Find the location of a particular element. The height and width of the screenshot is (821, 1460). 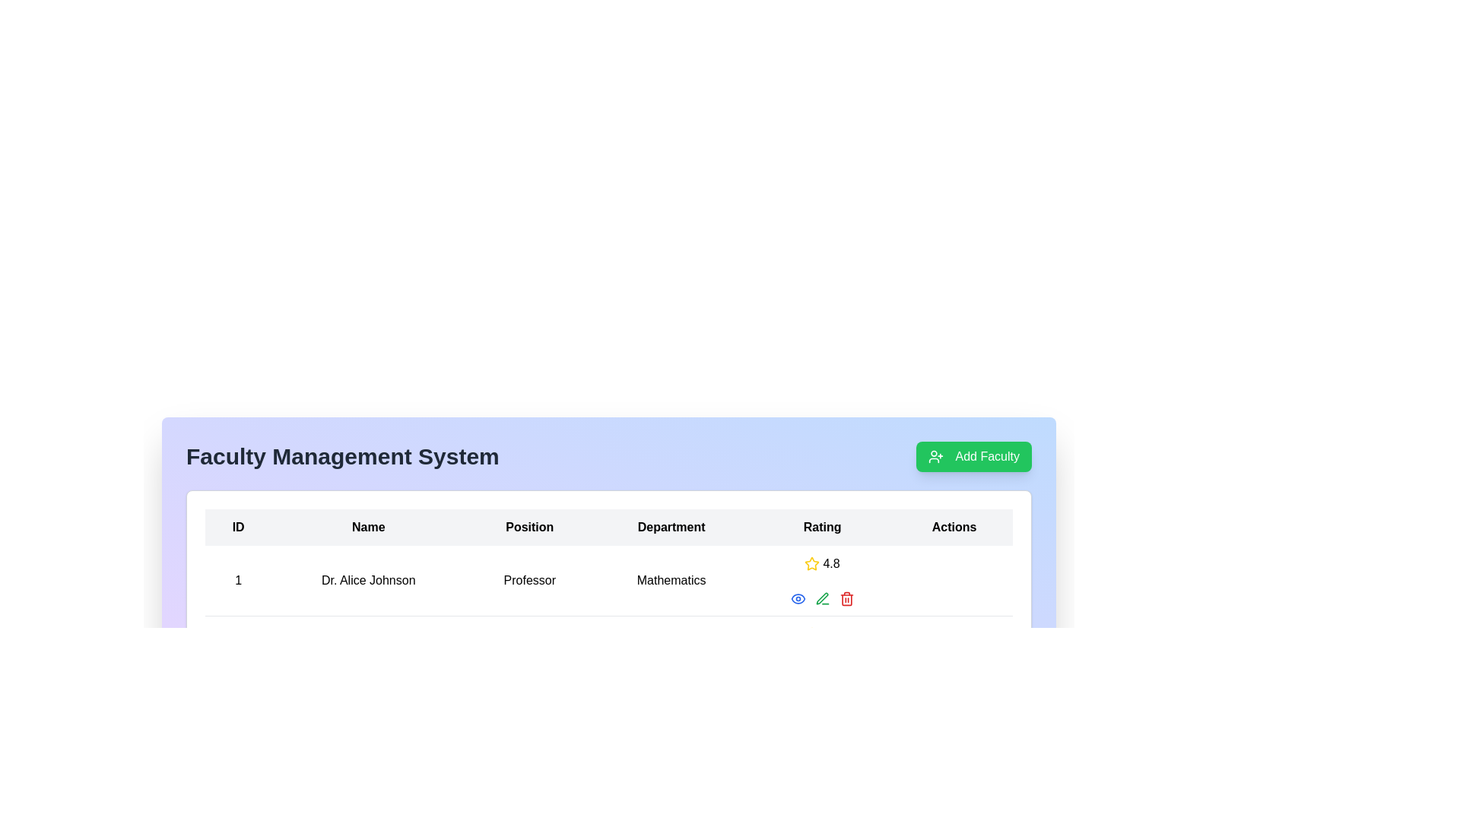

the text label displaying 'Name' in bold font, which is the second column header of the table located between 'ID' and 'Position' is located at coordinates (368, 527).